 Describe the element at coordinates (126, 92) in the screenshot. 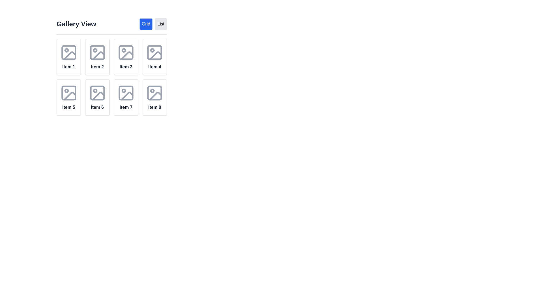

I see `the SVG Image Placeholder located at the center upper region of the card titled 'Item 7'` at that location.